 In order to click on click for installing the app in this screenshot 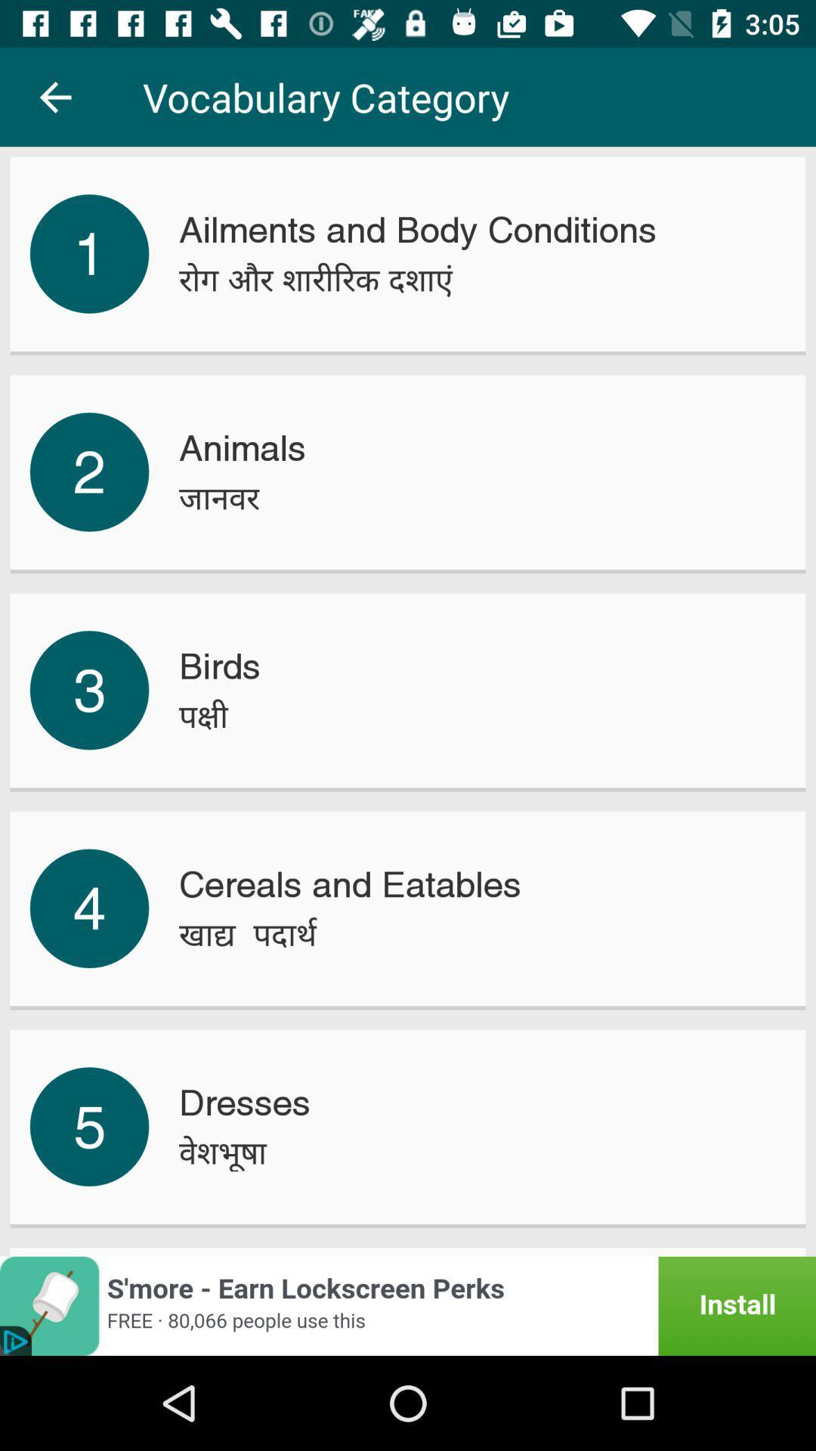, I will do `click(408, 1305)`.